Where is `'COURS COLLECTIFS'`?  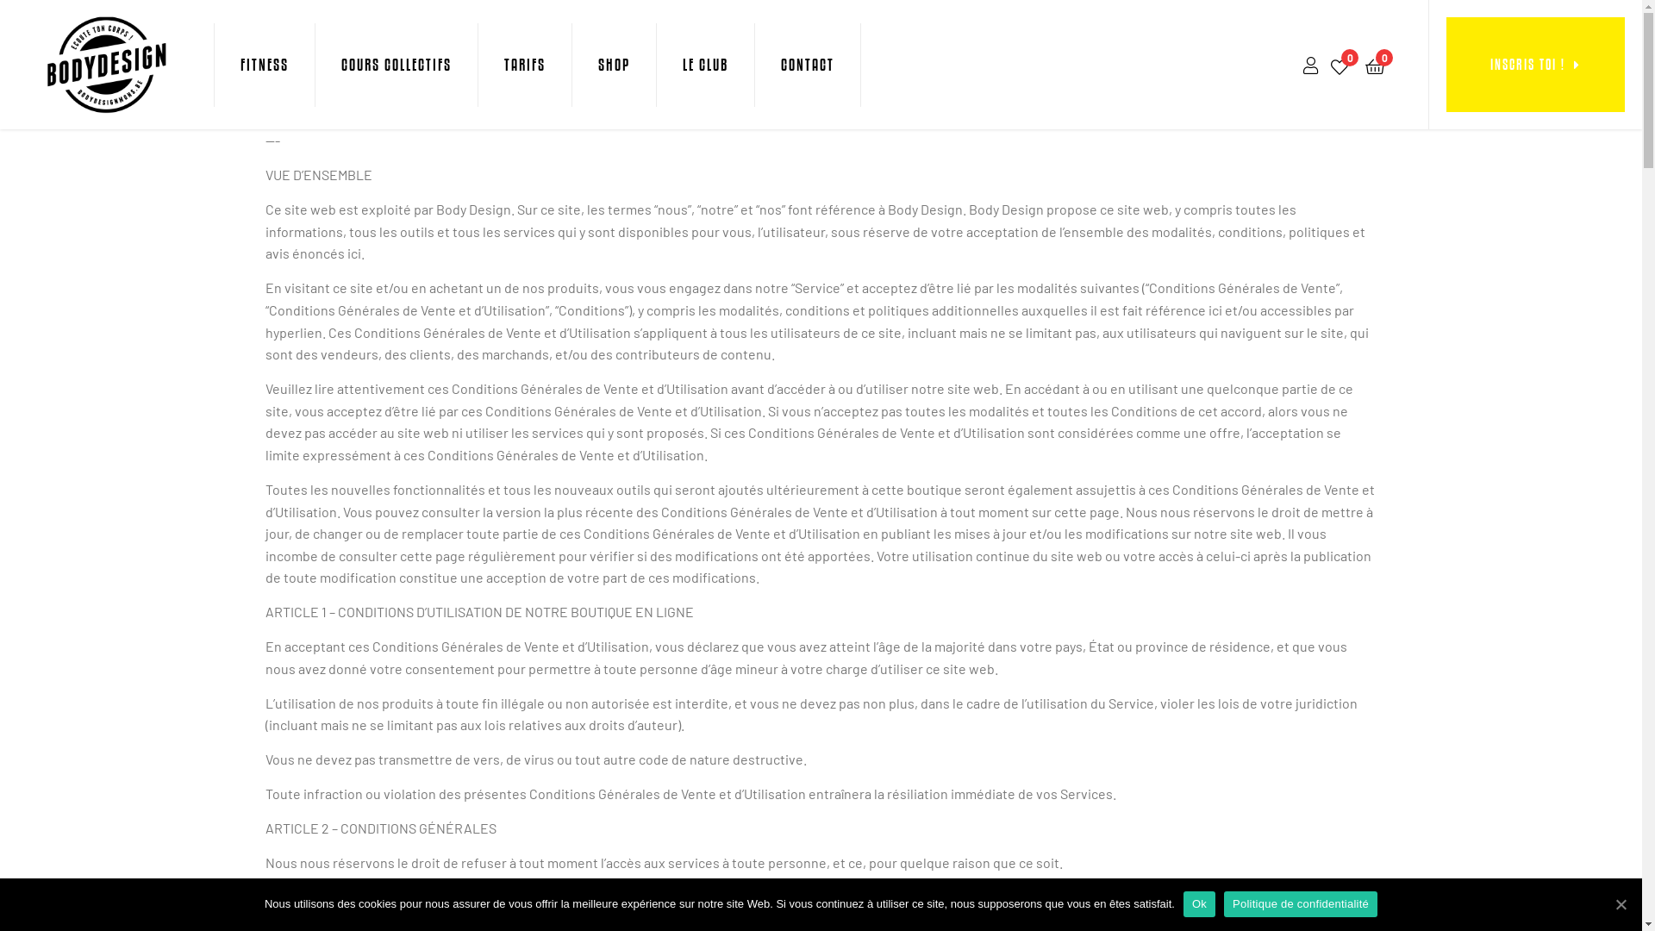
'COURS COLLECTIFS' is located at coordinates (396, 64).